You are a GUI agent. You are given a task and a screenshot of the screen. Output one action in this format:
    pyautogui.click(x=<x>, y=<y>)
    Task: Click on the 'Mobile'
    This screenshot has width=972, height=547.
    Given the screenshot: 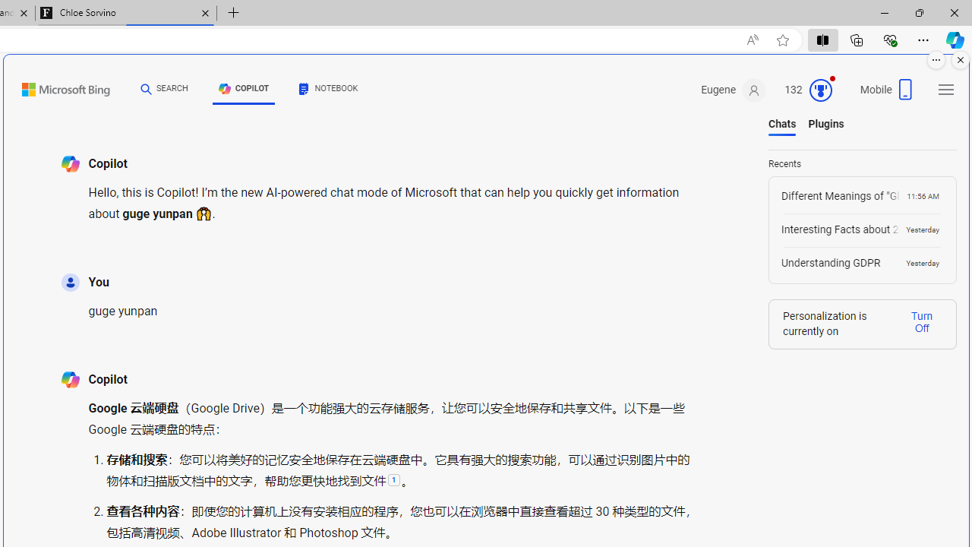 What is the action you would take?
    pyautogui.click(x=888, y=94)
    